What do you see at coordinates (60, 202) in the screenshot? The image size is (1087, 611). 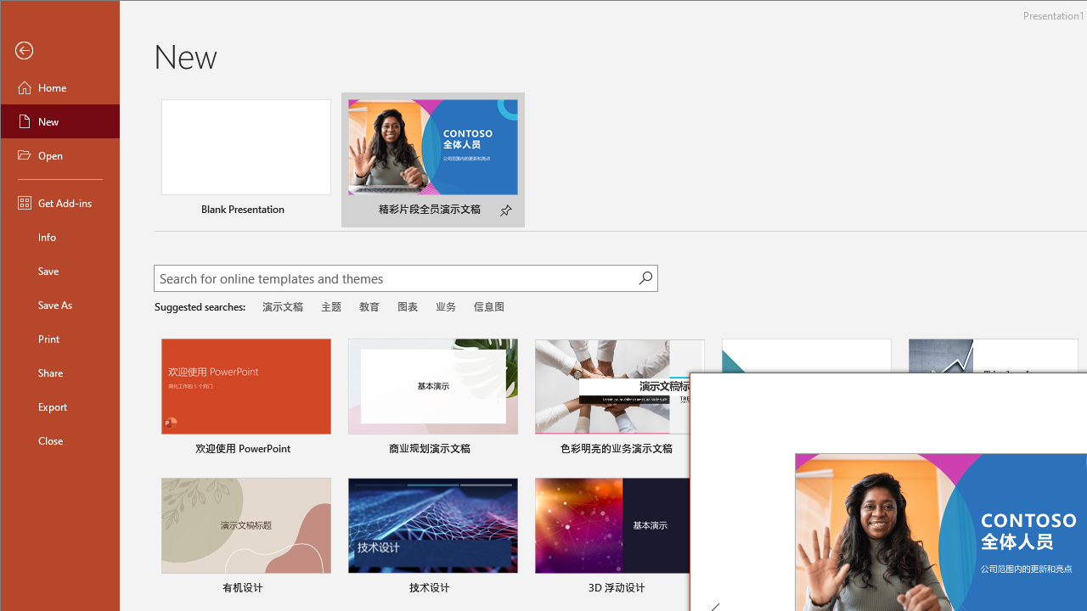 I see `'Get Add-ins'` at bounding box center [60, 202].